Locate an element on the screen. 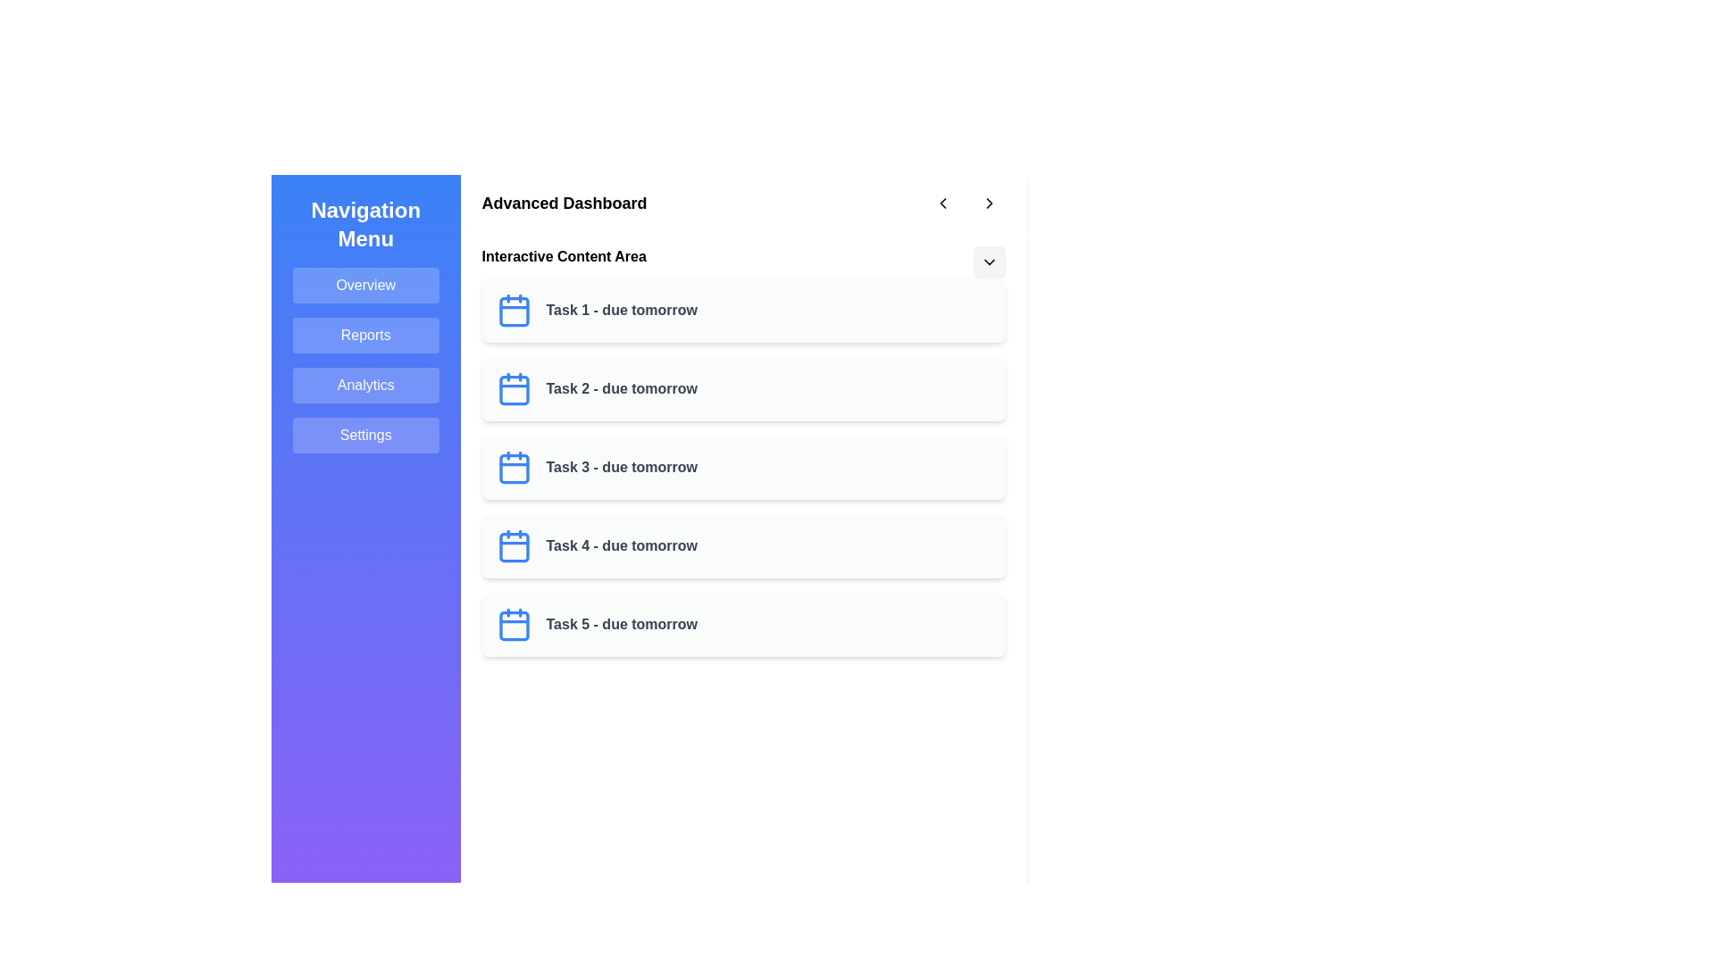 This screenshot has height=964, width=1715. the navigation button located in the sidebar menu, which is the second item below the 'Overview' button, to change its appearance is located at coordinates (364, 335).